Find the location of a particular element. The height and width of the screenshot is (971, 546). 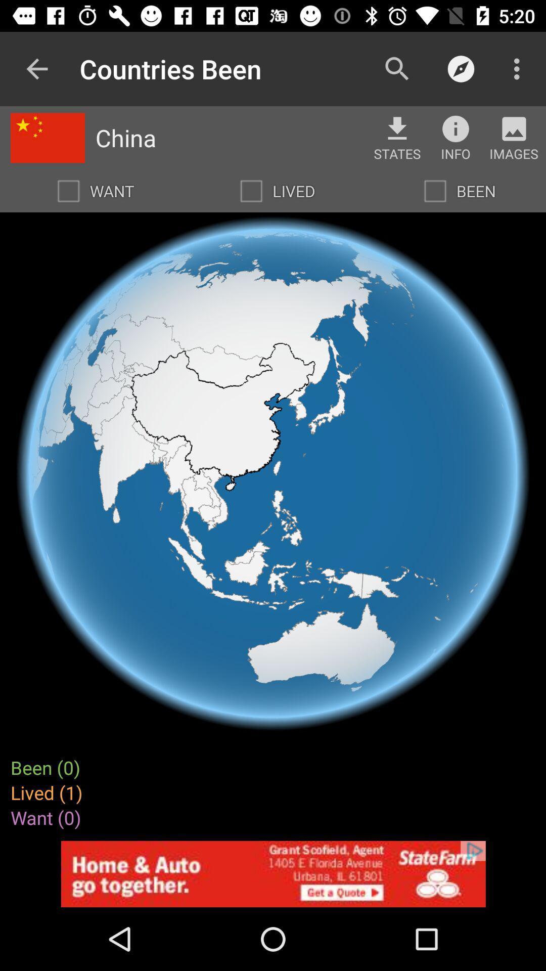

mark location as lived is located at coordinates (251, 191).